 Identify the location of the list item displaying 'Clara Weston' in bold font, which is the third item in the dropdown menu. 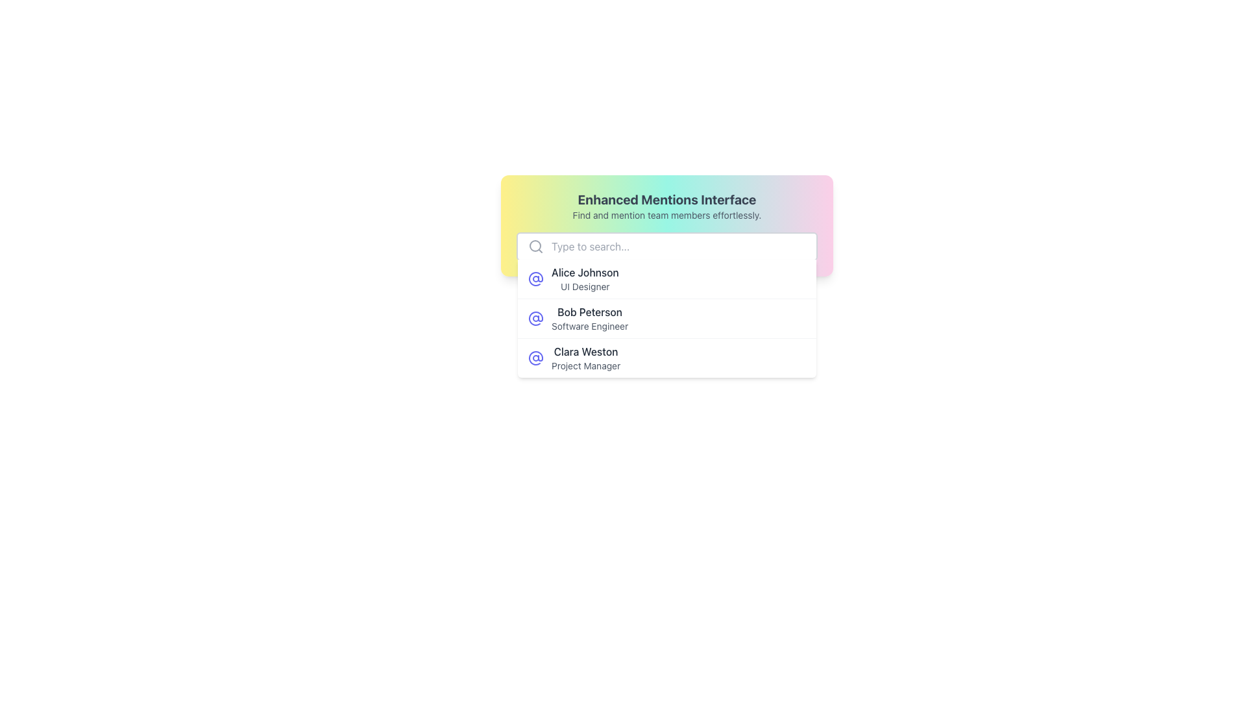
(666, 358).